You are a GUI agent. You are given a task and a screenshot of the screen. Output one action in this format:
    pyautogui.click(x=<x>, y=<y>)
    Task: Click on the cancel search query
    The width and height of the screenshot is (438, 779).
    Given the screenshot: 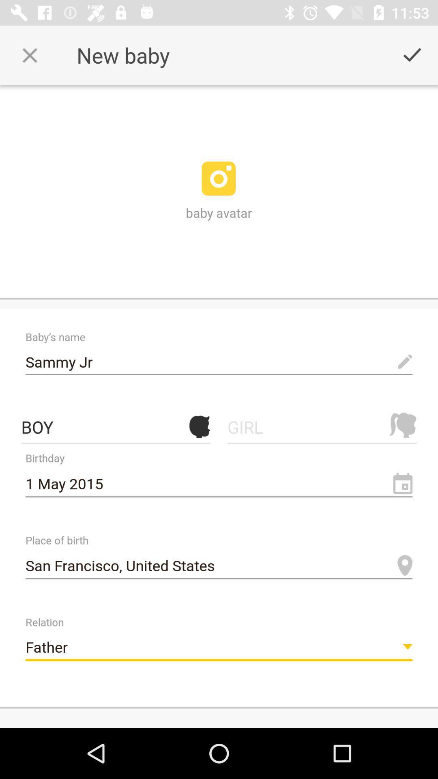 What is the action you would take?
    pyautogui.click(x=29, y=55)
    